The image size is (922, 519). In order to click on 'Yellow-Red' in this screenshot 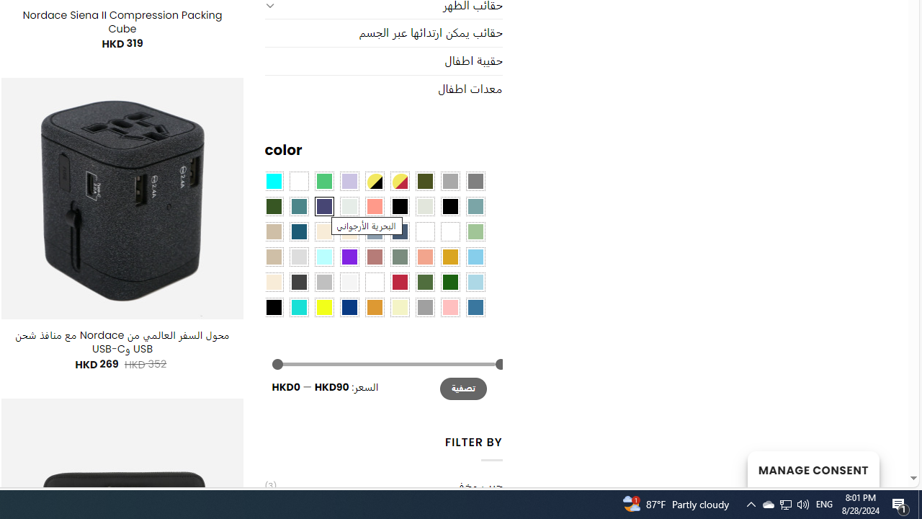, I will do `click(399, 180)`.